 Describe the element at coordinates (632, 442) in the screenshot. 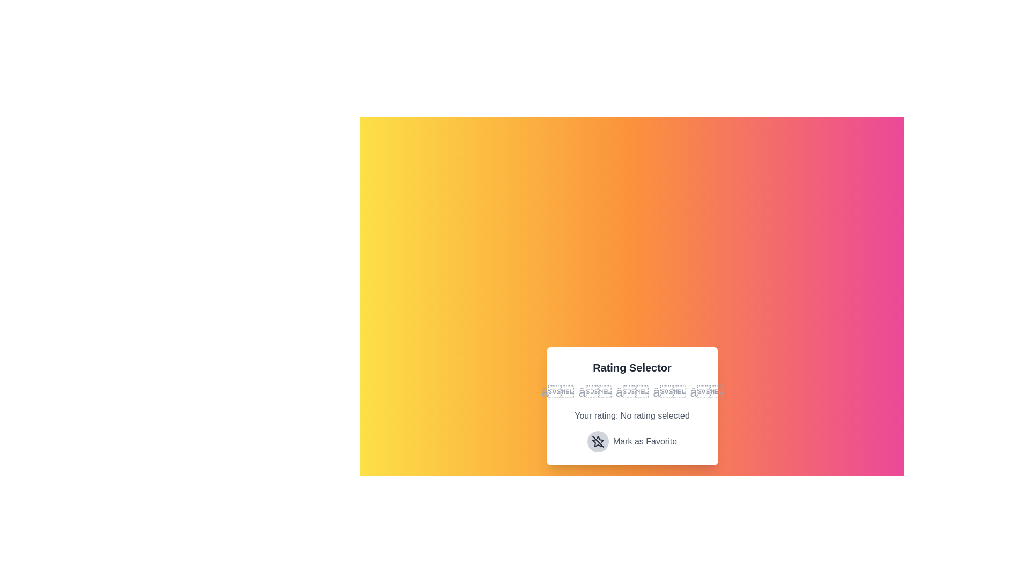

I see `the favorite toggle button located at the bottom of the 'Rating Selector' section, directly below 'Your rating: No rating selected'` at that location.